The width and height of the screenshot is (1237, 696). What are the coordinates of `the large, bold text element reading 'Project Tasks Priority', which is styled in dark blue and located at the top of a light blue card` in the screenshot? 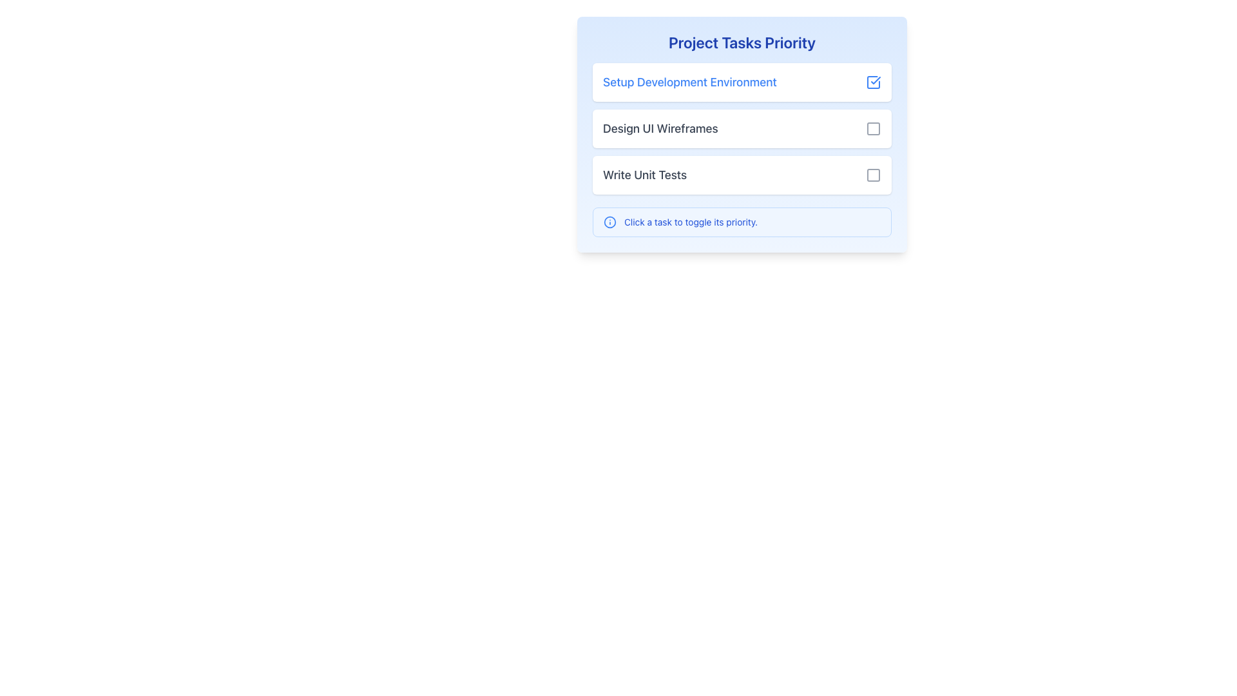 It's located at (742, 41).